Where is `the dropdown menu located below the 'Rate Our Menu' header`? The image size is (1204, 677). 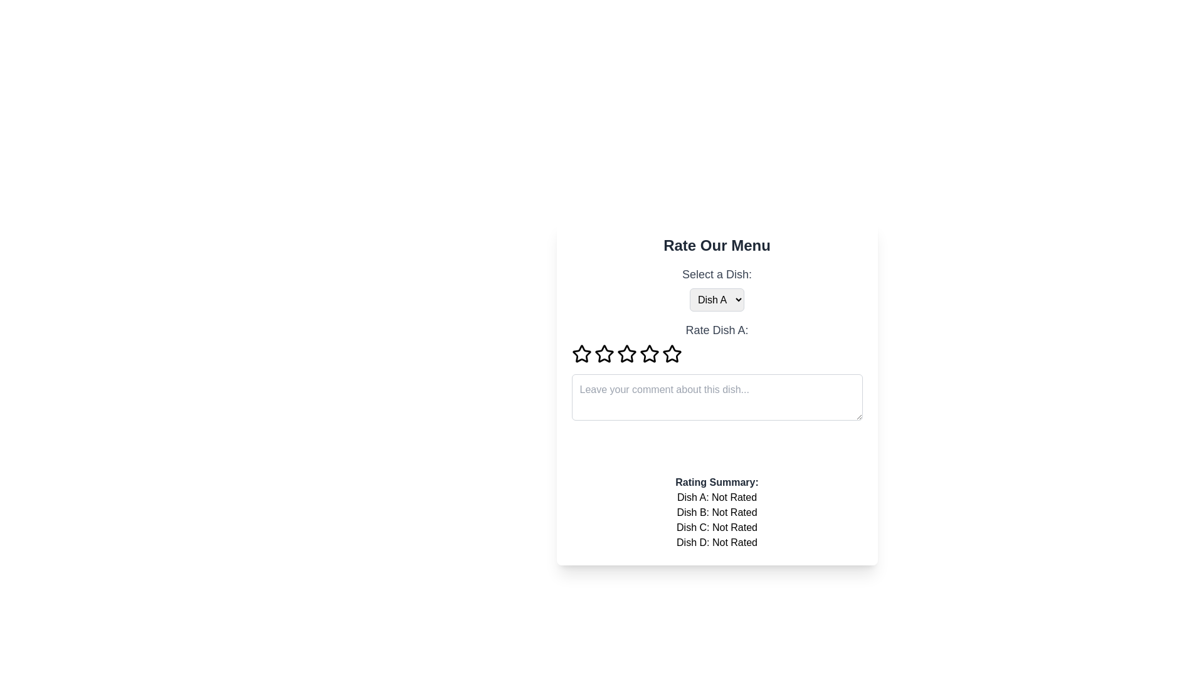
the dropdown menu located below the 'Rate Our Menu' header is located at coordinates (717, 288).